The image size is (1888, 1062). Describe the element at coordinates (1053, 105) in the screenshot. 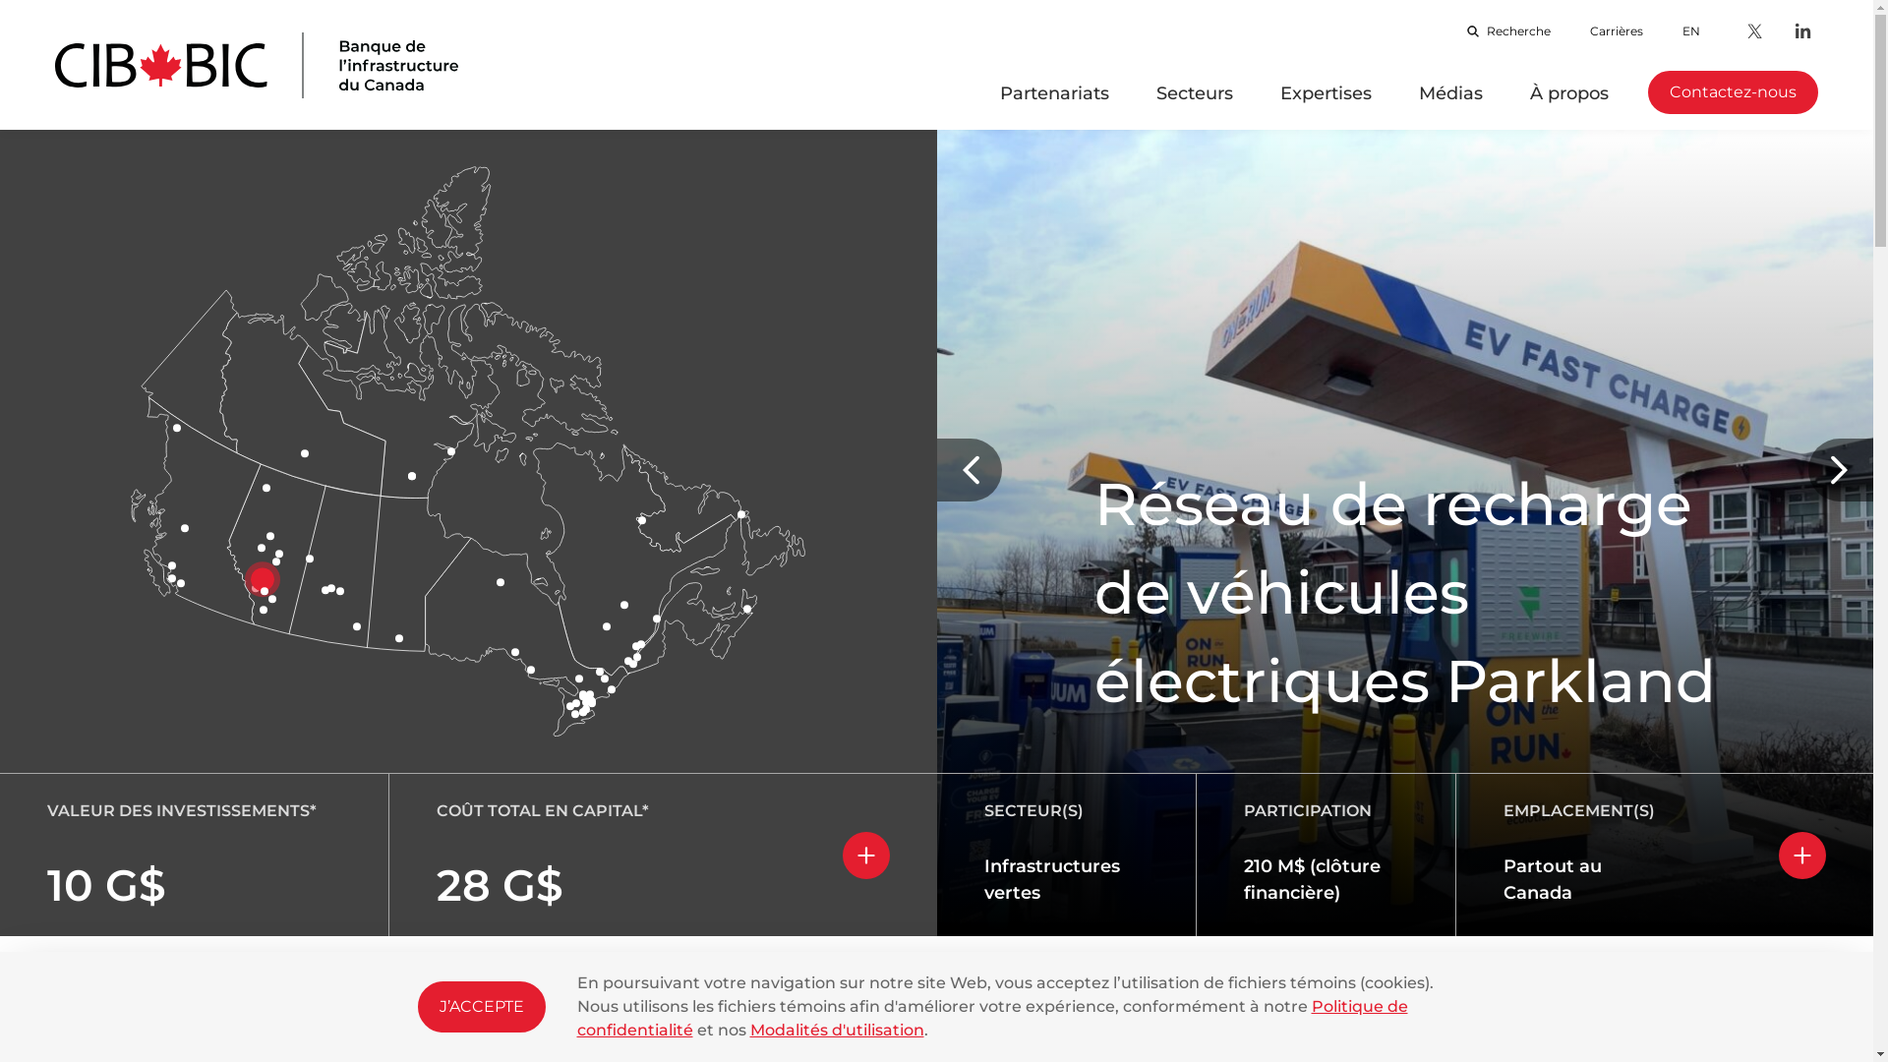

I see `'Partenariats'` at that location.